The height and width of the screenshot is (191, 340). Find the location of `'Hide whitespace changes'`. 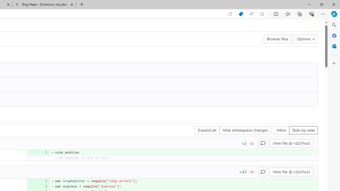

'Hide whitespace changes' is located at coordinates (245, 130).